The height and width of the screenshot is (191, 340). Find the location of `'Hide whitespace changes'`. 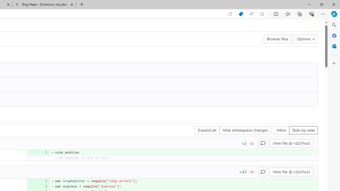

'Hide whitespace changes' is located at coordinates (245, 130).